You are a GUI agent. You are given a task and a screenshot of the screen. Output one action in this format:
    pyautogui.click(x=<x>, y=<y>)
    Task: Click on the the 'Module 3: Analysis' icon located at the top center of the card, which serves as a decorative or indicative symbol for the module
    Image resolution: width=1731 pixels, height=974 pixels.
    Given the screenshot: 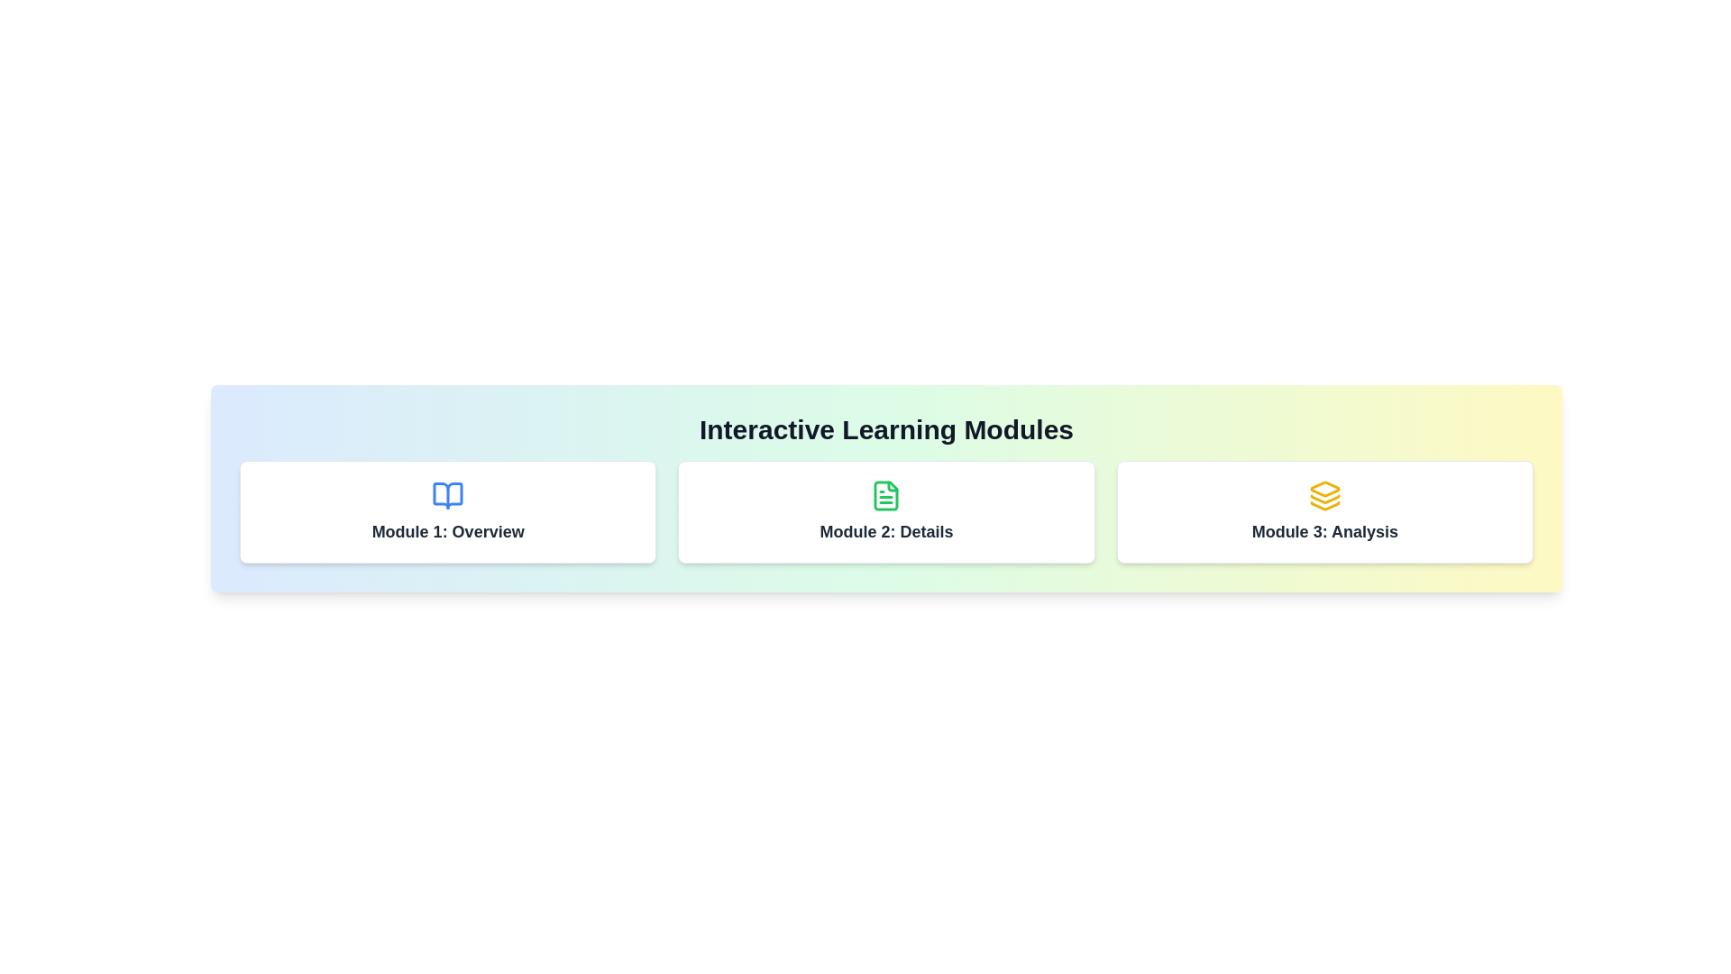 What is the action you would take?
    pyautogui.click(x=1324, y=496)
    